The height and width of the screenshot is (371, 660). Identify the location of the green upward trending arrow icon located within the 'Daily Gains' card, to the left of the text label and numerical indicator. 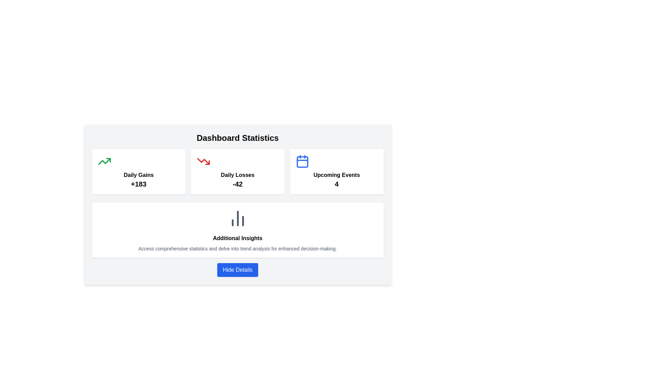
(104, 161).